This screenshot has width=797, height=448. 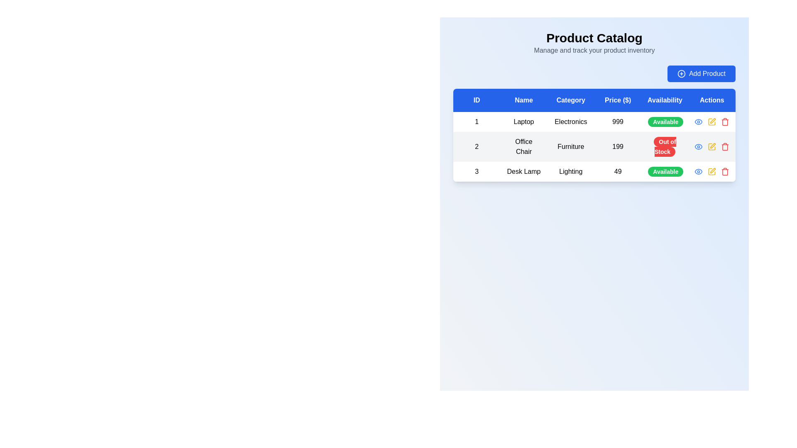 I want to click on the 'Category' column header in the table, which is the third column header located between 'Name' and 'Price ($)', so click(x=570, y=100).